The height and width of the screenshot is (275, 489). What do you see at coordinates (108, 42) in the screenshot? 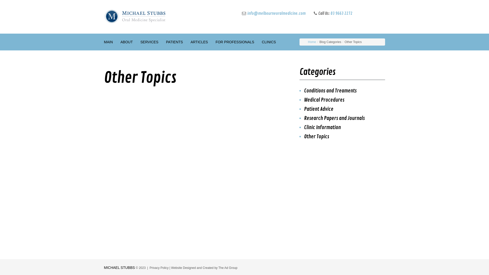
I see `'MAIN'` at bounding box center [108, 42].